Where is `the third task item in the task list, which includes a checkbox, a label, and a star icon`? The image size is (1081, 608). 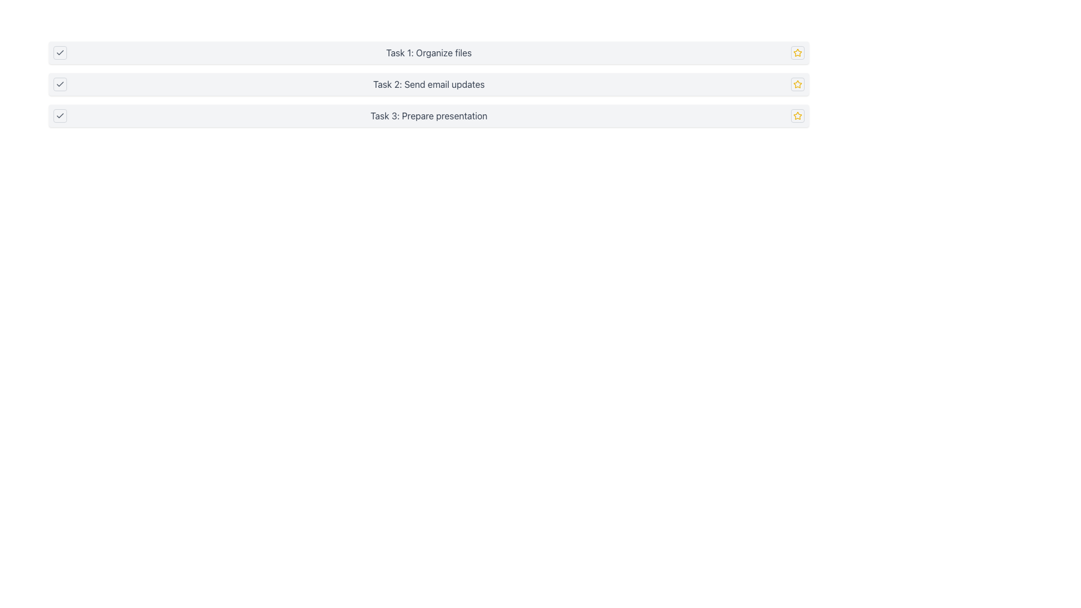 the third task item in the task list, which includes a checkbox, a label, and a star icon is located at coordinates (428, 115).